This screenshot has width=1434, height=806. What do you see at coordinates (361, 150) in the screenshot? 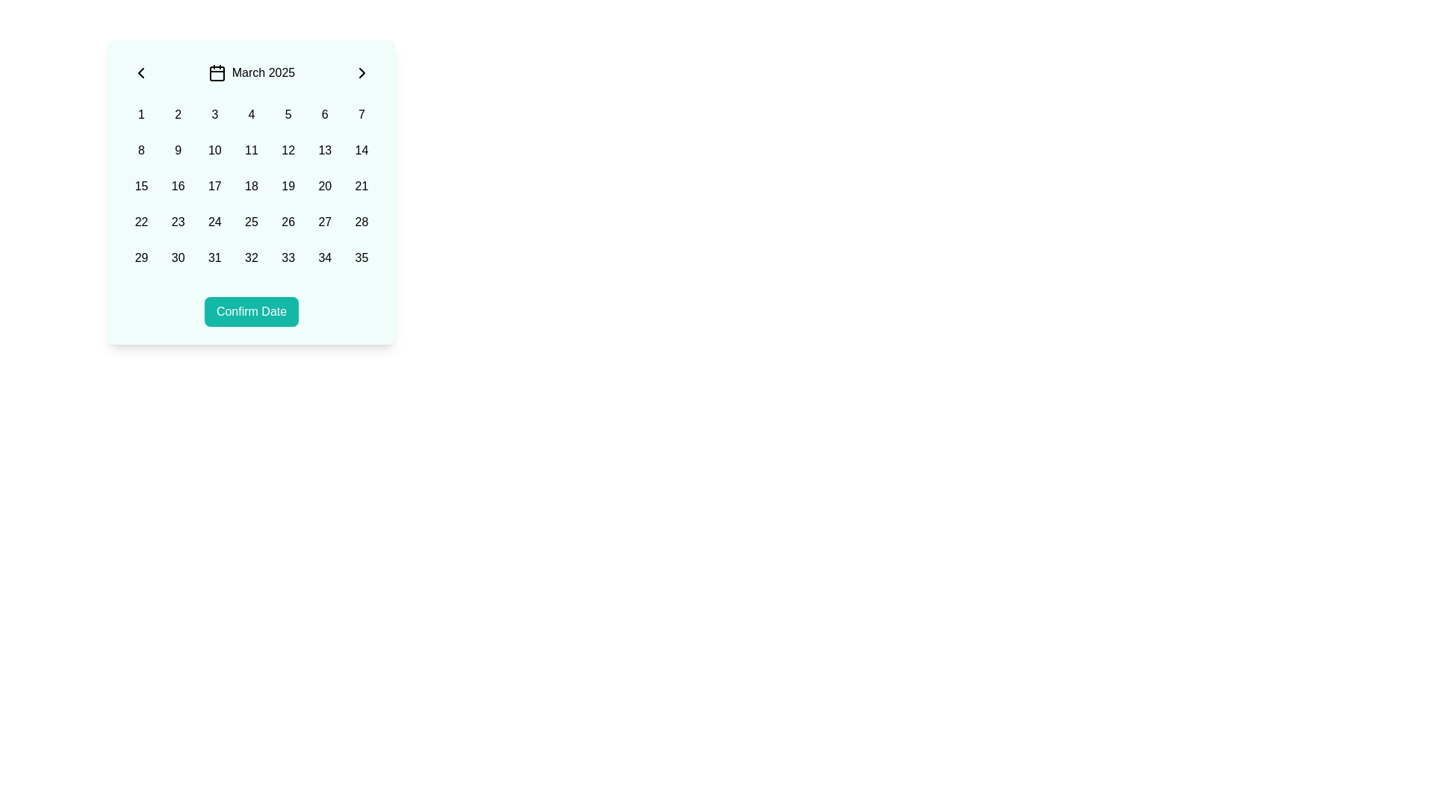
I see `the button displaying '14' in the second row, last column of the grid` at bounding box center [361, 150].